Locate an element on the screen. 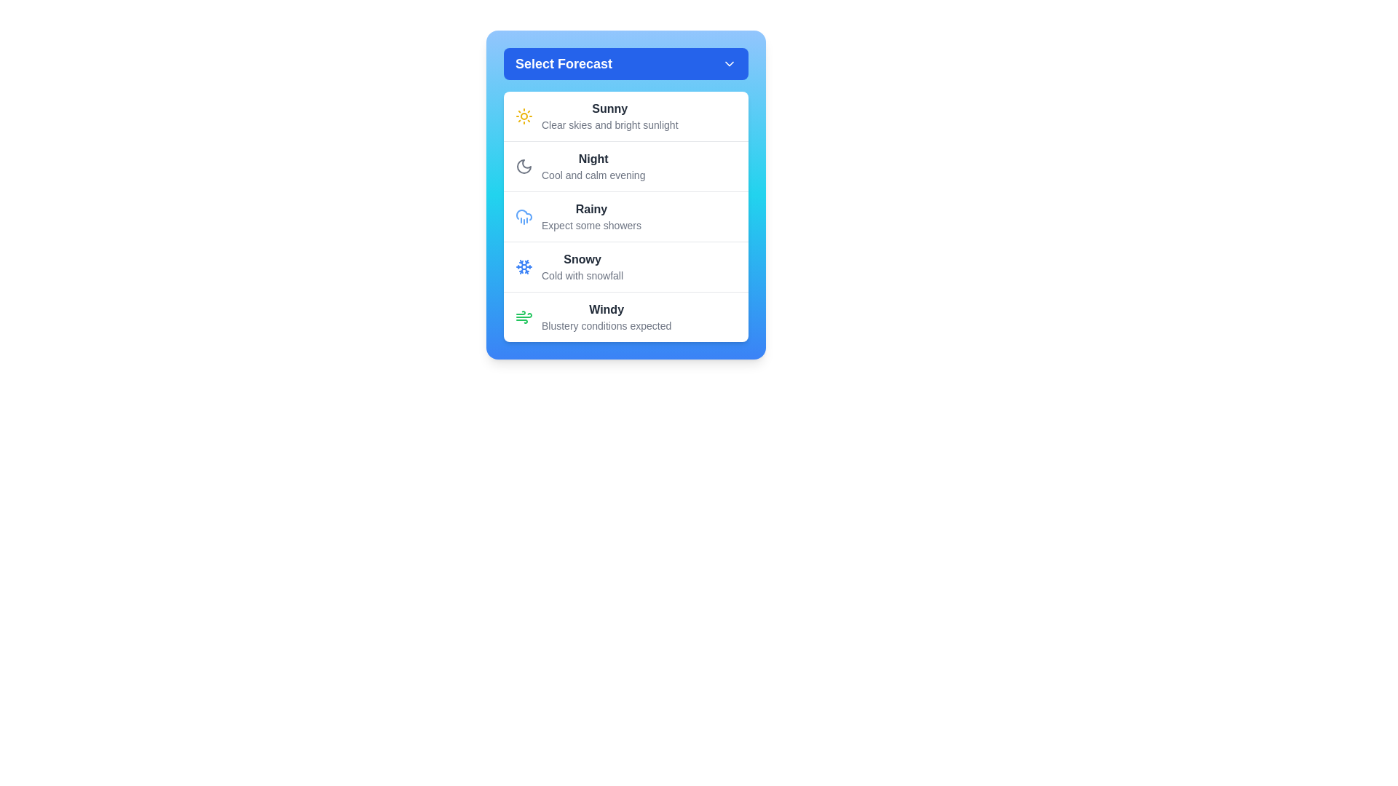 Image resolution: width=1398 pixels, height=786 pixels. text content of the Text label displaying 'Windy Blustery conditions expected', which is the last item in the dropdown list of weather conditions, visually aligned with a wind icon is located at coordinates (607, 316).